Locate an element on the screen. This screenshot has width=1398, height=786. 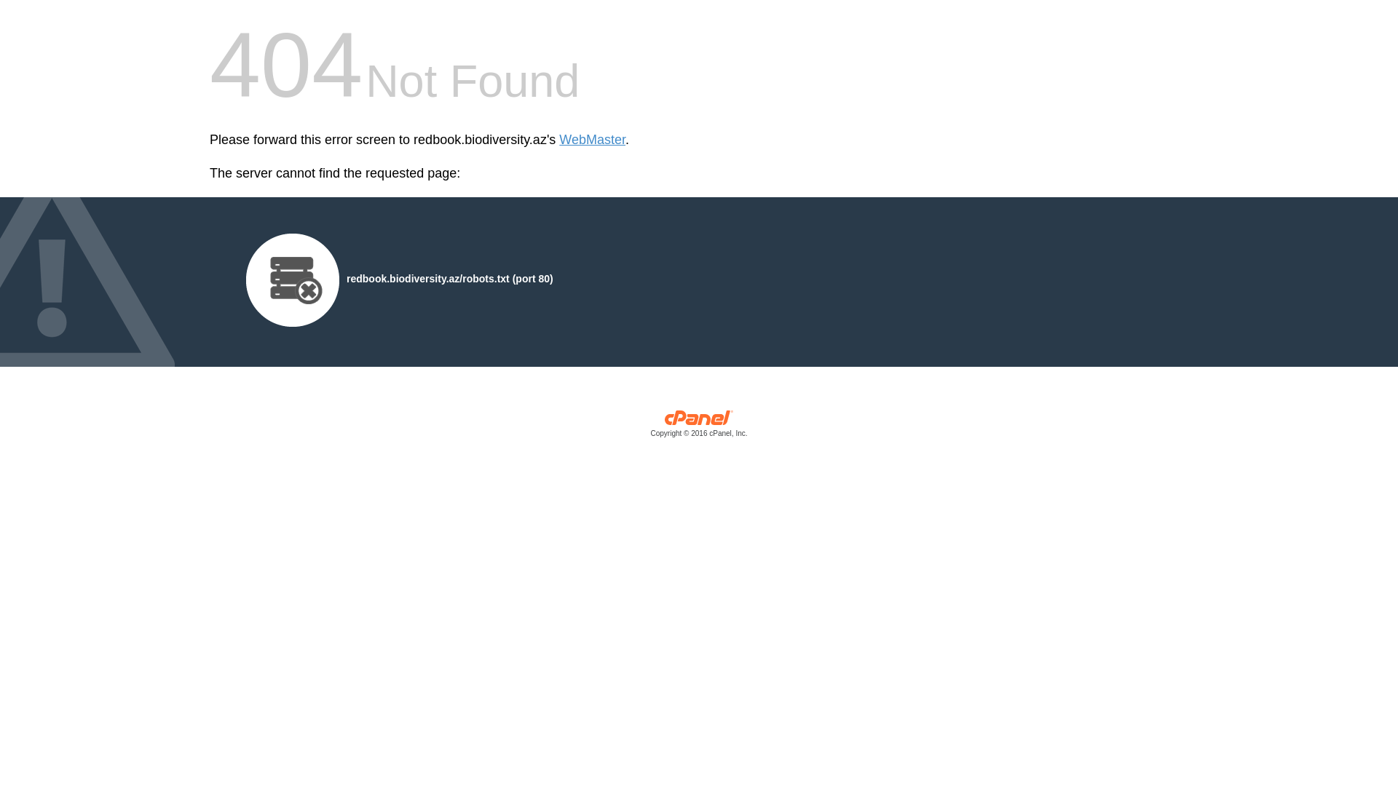
'WebMaster' is located at coordinates (558, 140).